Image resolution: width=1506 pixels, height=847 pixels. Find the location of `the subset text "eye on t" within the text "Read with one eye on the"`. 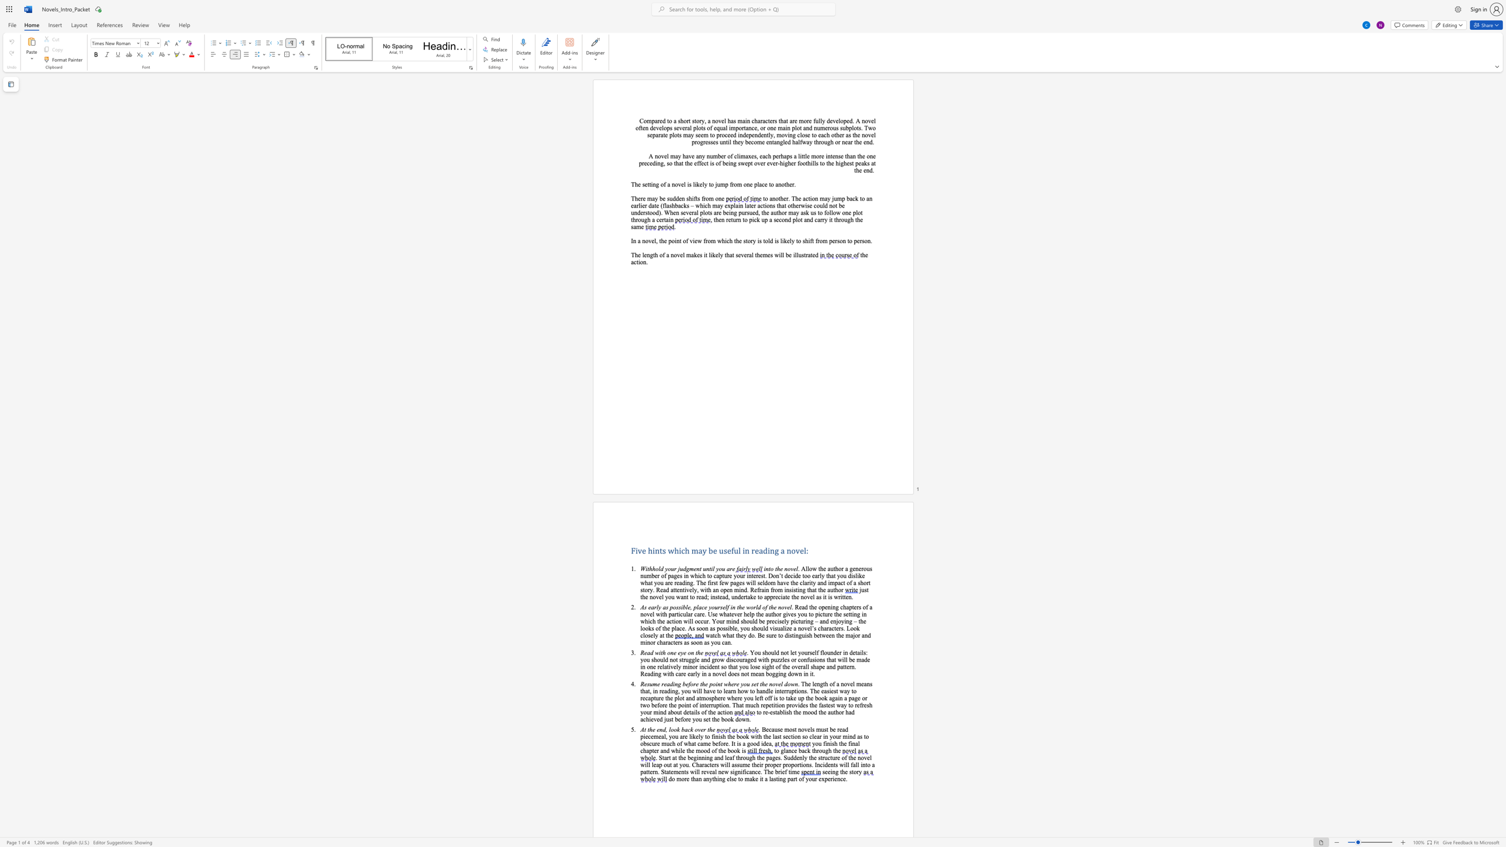

the subset text "eye on t" within the text "Read with one eye on the" is located at coordinates (678, 652).